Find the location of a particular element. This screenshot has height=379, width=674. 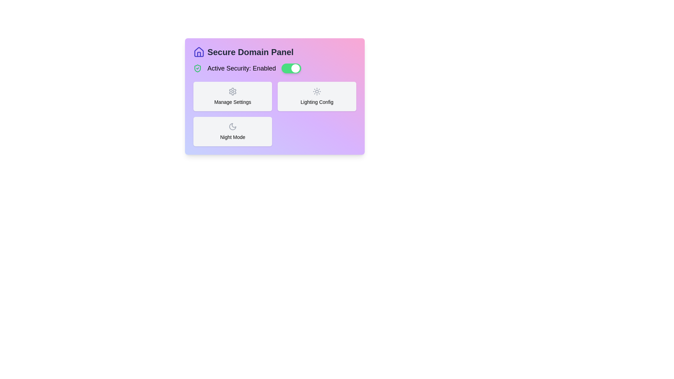

the 'Lighting Config' button, which is a rectangular button with a light gray background and a sun icon, located in the top-right grid of the section containing three buttons is located at coordinates (316, 96).